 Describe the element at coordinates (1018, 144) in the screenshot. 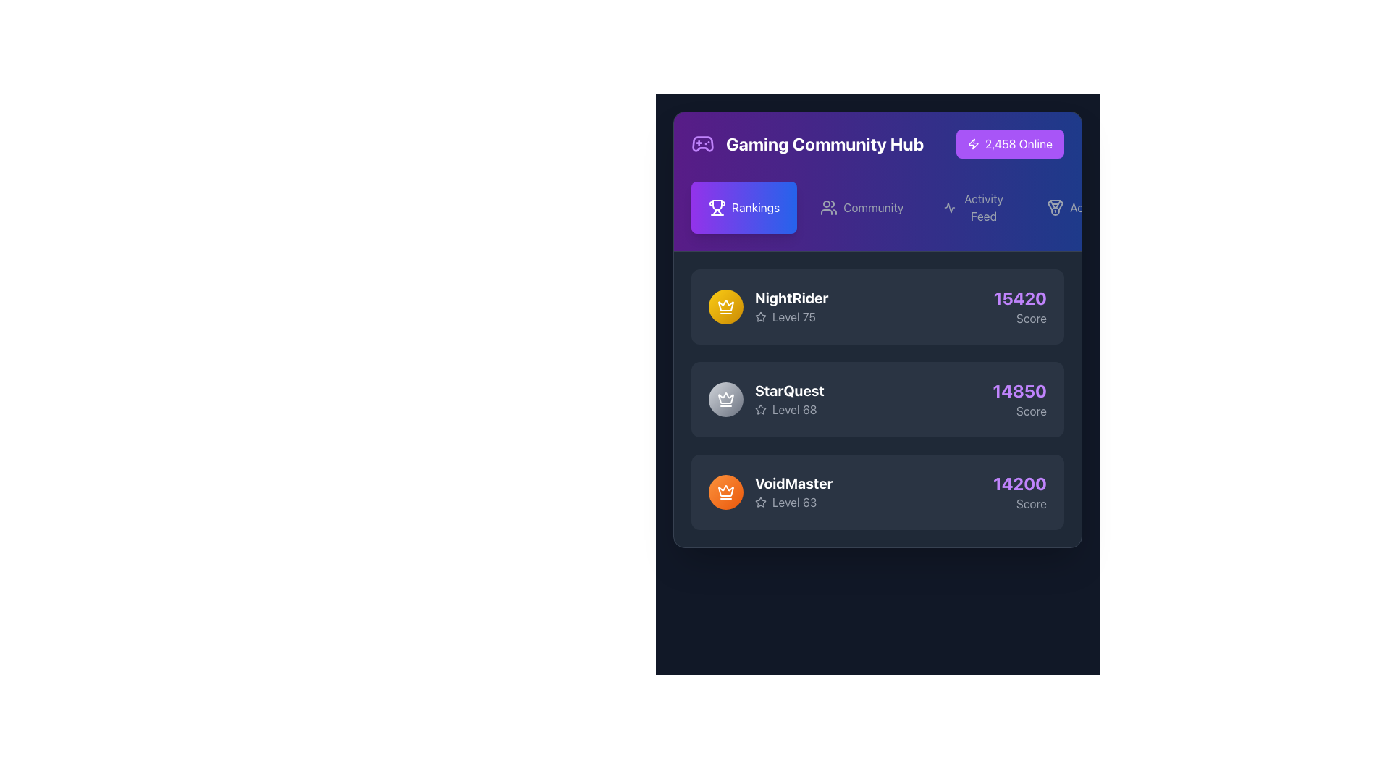

I see `the online users indicator label located in the upper-right corner of the interface, within a purple rectangular banner, adjacent to a lightning bolt icon` at that location.